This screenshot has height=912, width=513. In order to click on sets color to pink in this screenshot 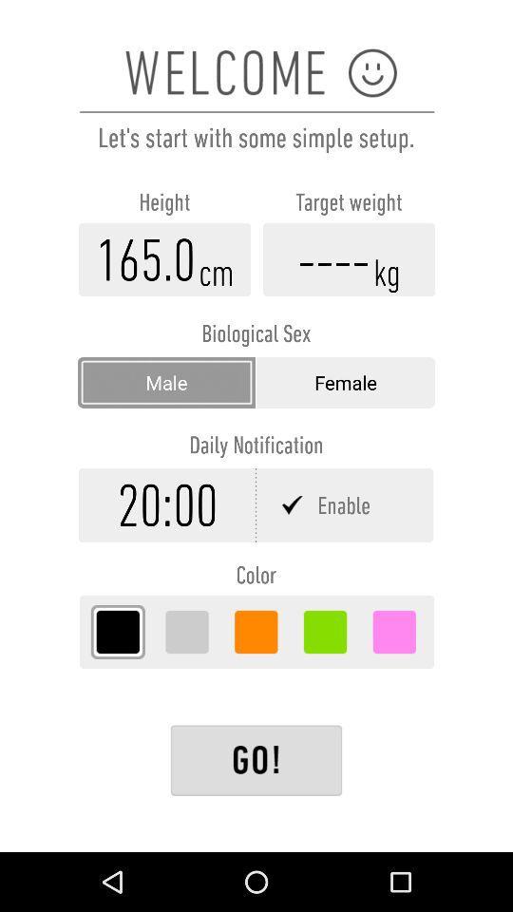, I will do `click(393, 632)`.